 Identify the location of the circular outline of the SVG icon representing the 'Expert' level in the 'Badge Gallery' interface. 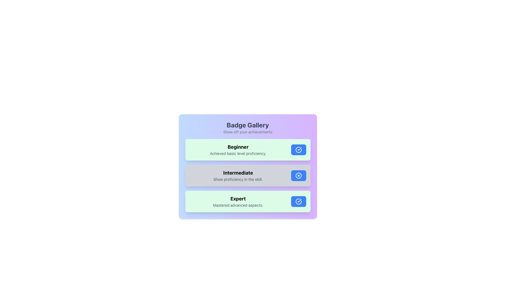
(298, 202).